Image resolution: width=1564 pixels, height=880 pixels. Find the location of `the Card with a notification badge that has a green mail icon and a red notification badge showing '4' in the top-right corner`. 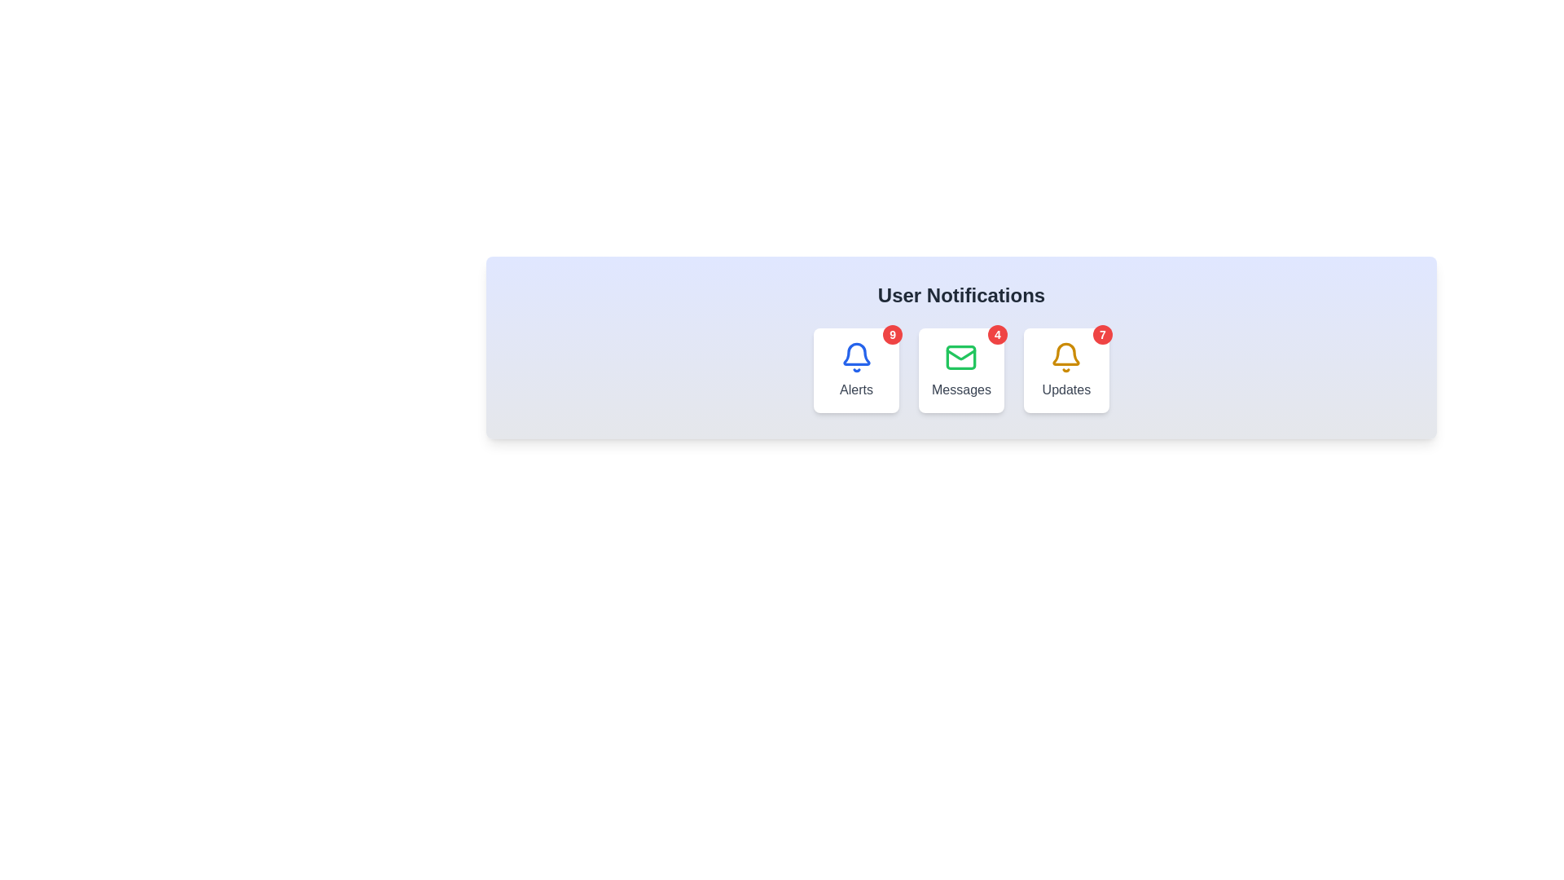

the Card with a notification badge that has a green mail icon and a red notification badge showing '4' in the top-right corner is located at coordinates (961, 371).